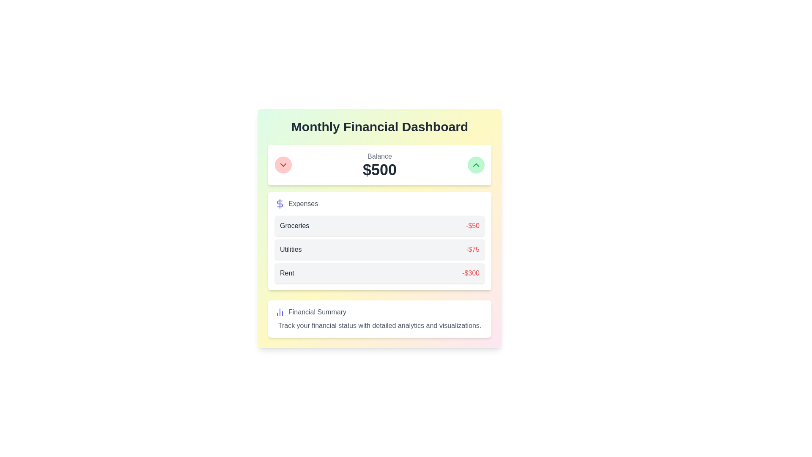 This screenshot has width=812, height=457. Describe the element at coordinates (294, 225) in the screenshot. I see `the label indicating the category of an expense item, specifically 'Groceries', within the financial dashboard` at that location.